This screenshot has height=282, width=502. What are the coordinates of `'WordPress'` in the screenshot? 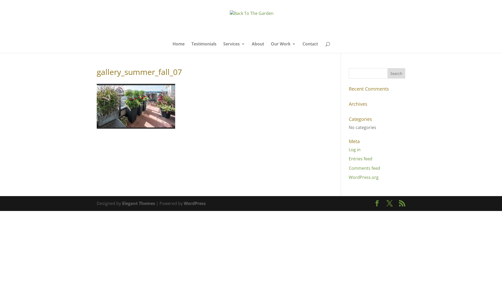 It's located at (194, 203).